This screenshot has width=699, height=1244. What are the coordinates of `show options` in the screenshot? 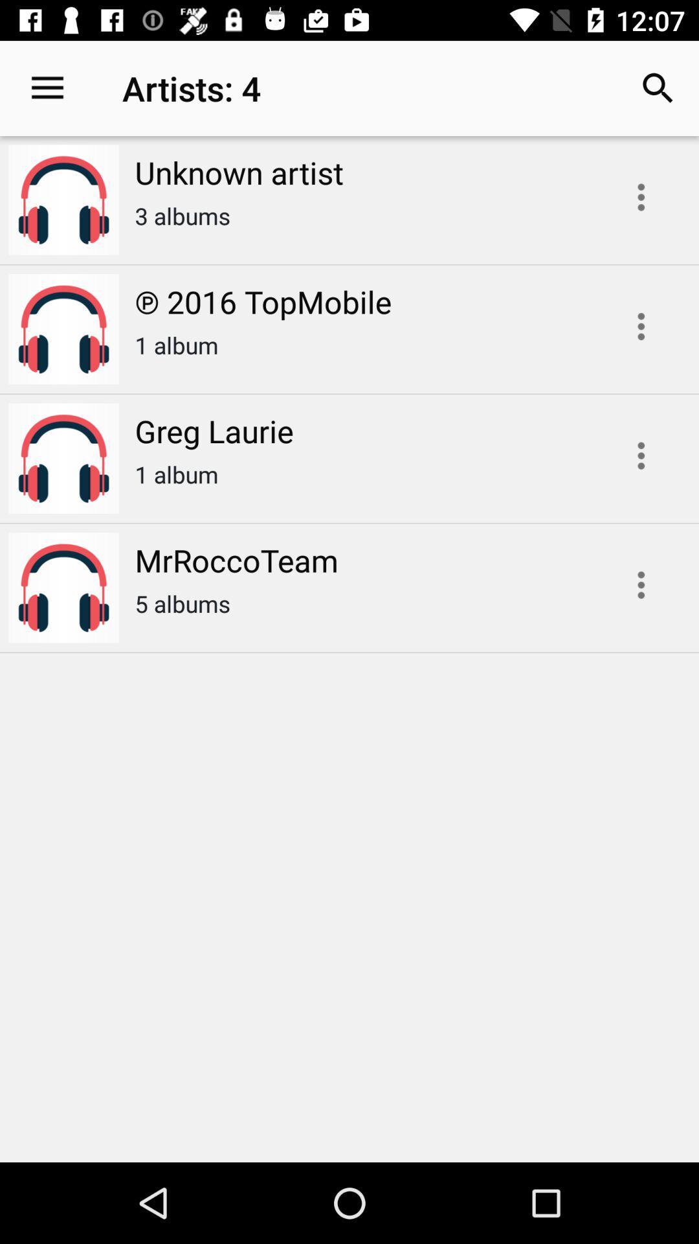 It's located at (641, 327).